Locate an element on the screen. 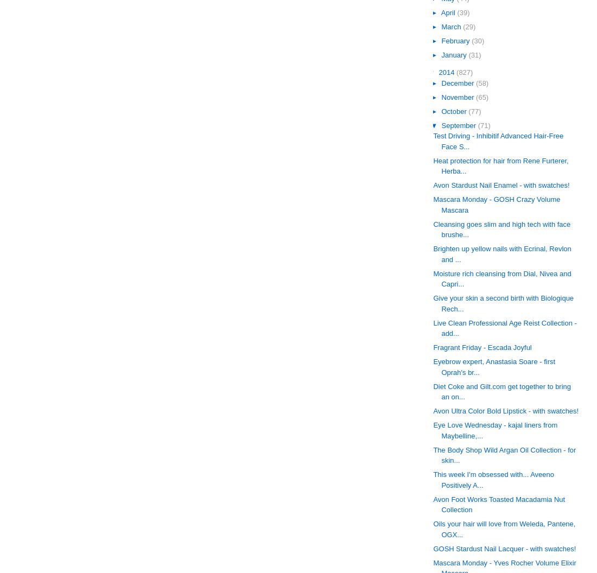  '(71)' is located at coordinates (483, 124).